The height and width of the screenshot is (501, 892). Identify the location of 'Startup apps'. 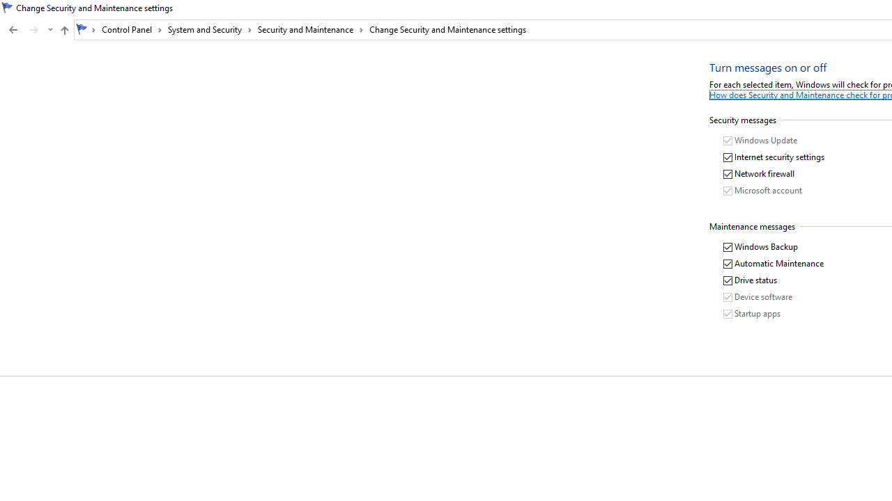
(752, 314).